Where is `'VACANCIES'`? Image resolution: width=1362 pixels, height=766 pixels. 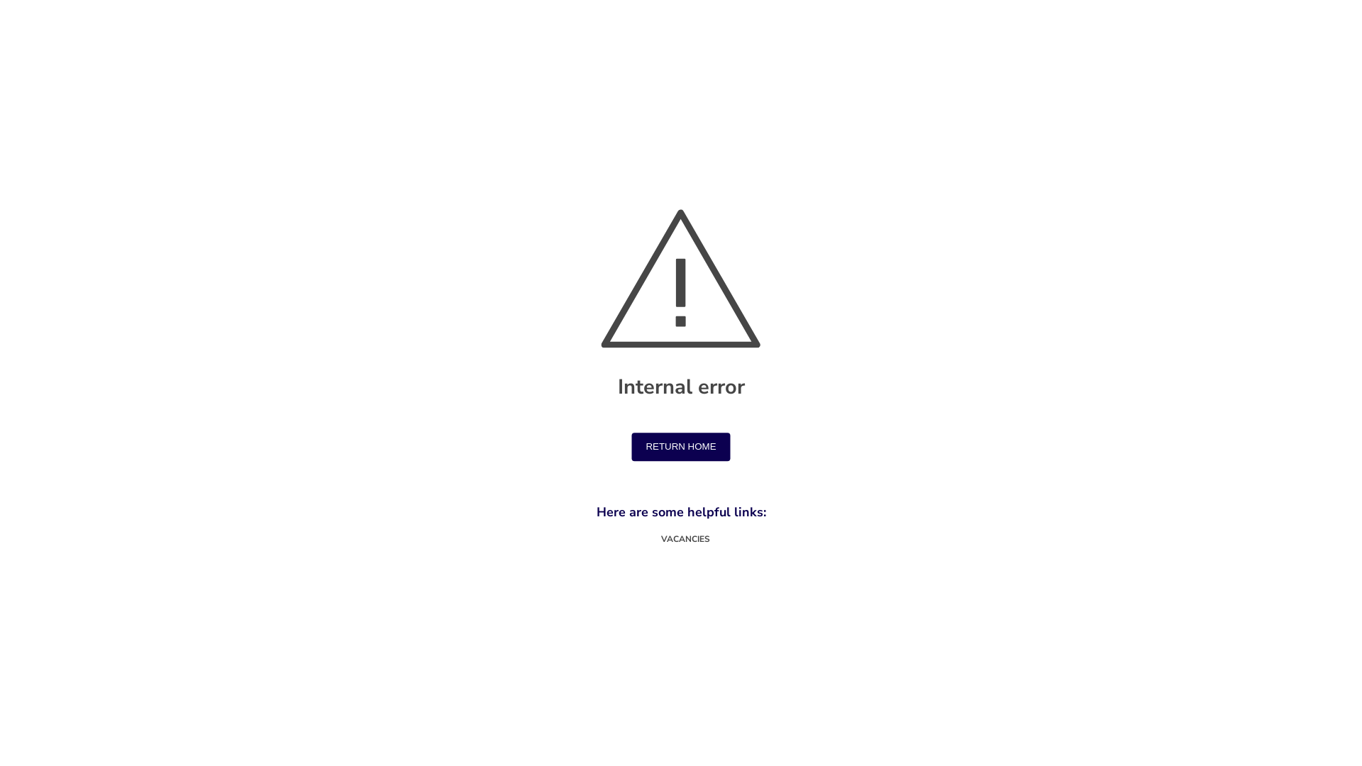 'VACANCIES' is located at coordinates (681, 539).